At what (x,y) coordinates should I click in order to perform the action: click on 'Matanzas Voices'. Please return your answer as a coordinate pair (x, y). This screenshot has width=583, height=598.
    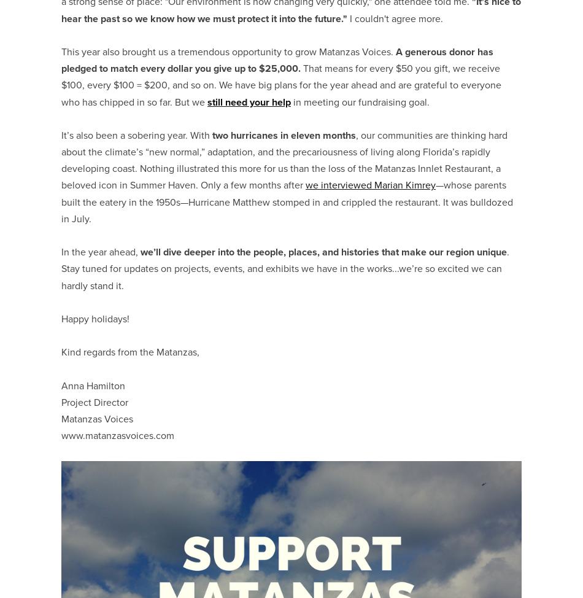
    Looking at the image, I should click on (97, 419).